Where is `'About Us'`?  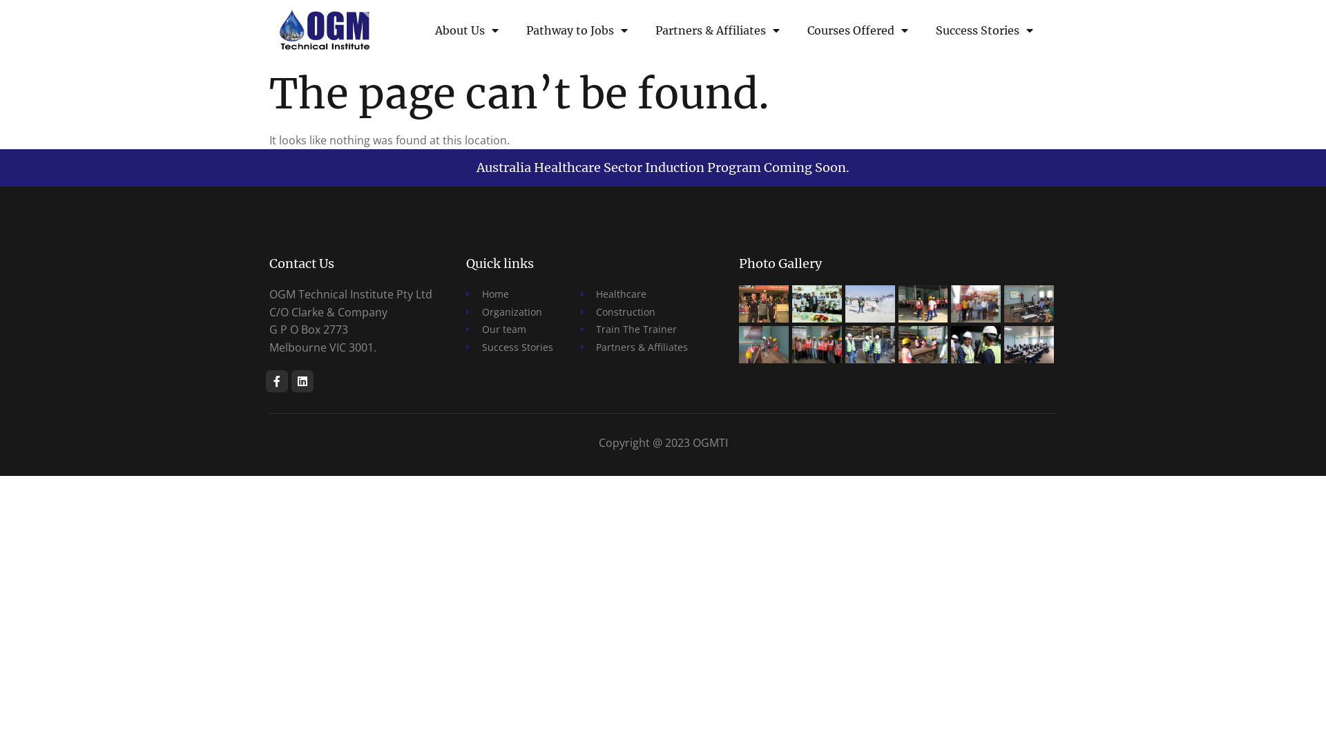
'About Us' is located at coordinates (420, 30).